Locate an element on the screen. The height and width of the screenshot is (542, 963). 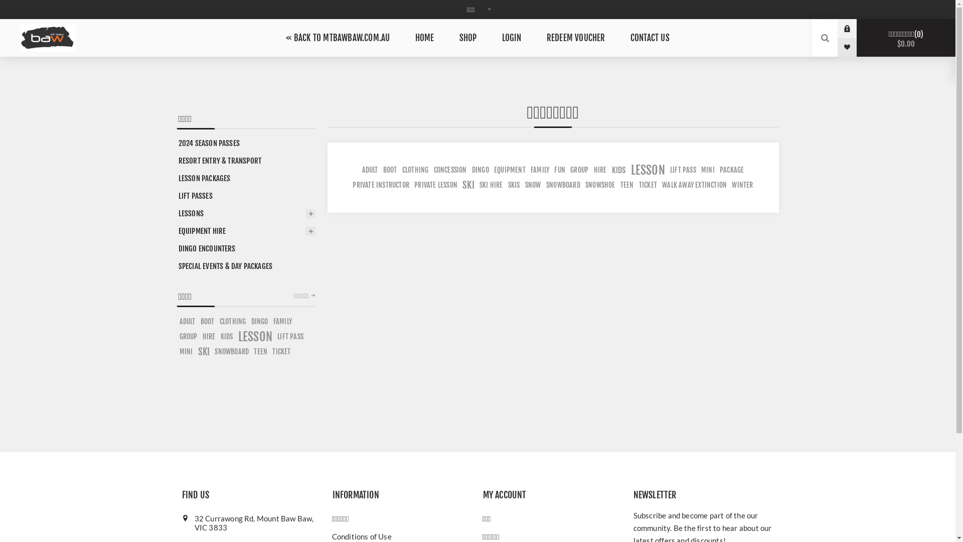
'FUN' is located at coordinates (553, 170).